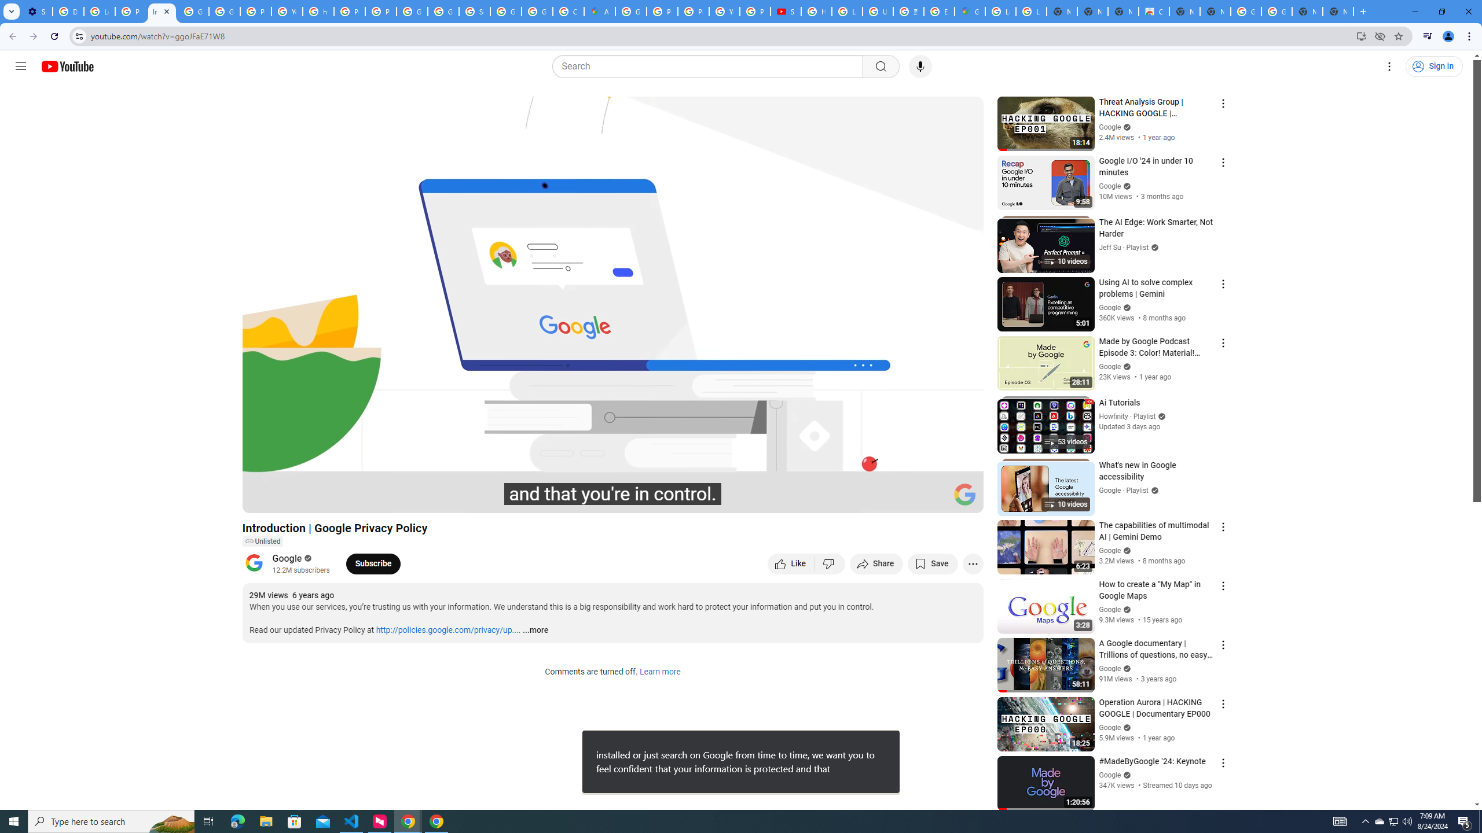  What do you see at coordinates (1338, 11) in the screenshot?
I see `'New Tab'` at bounding box center [1338, 11].